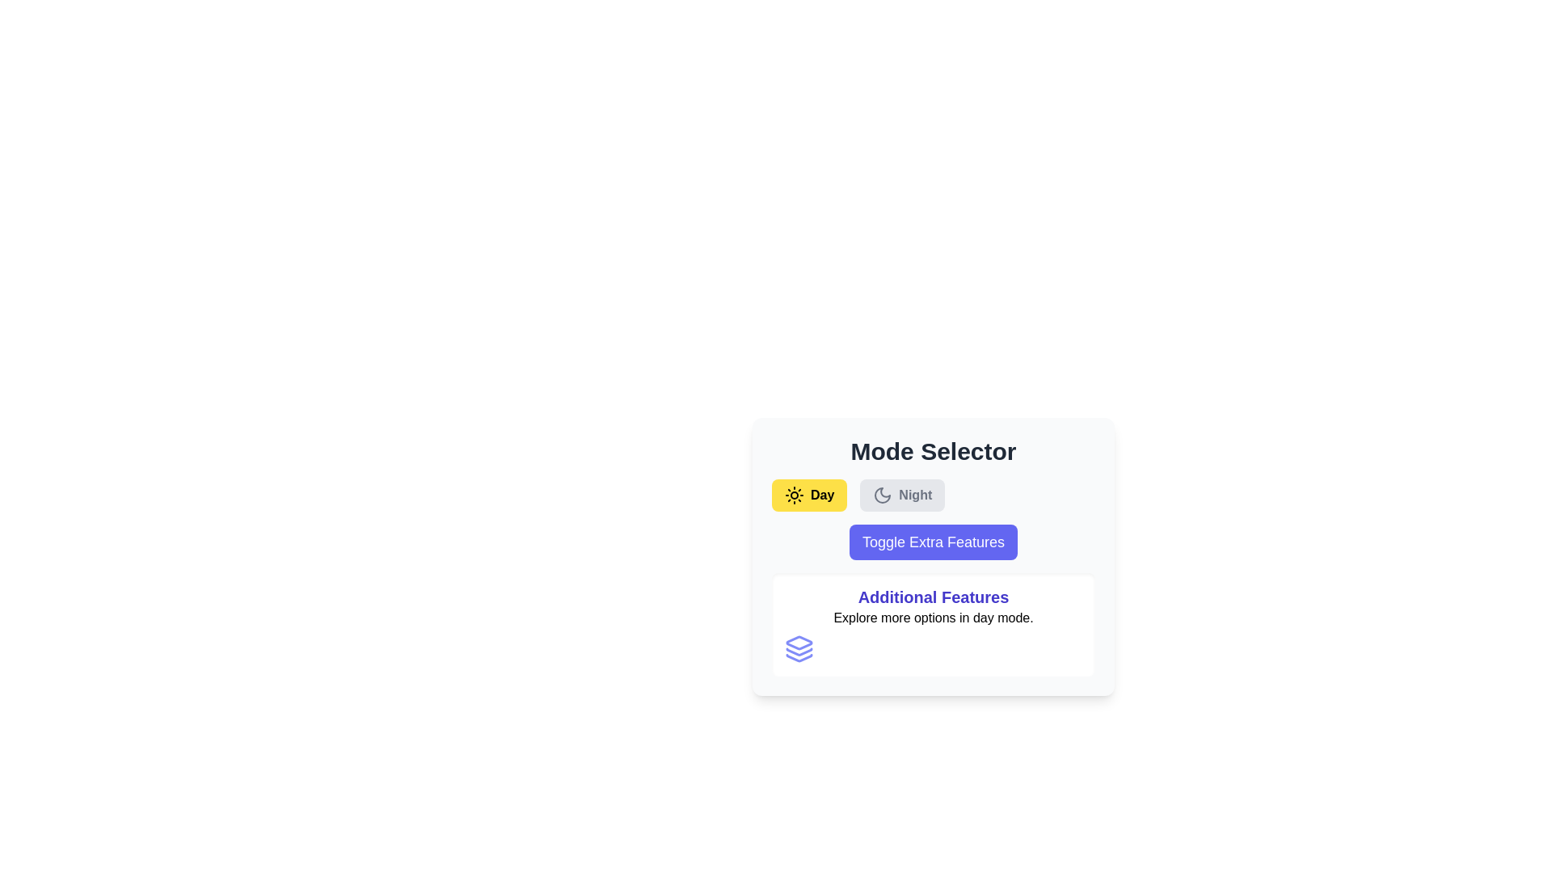  I want to click on the Toggle switch group located under the 'Mode Selector' title, so click(934, 495).